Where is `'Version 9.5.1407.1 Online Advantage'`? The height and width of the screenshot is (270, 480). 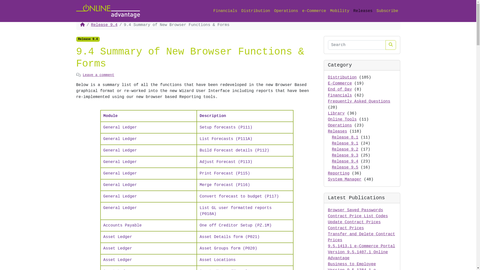 'Version 9.5.1407.1 Online Advantage' is located at coordinates (357, 255).